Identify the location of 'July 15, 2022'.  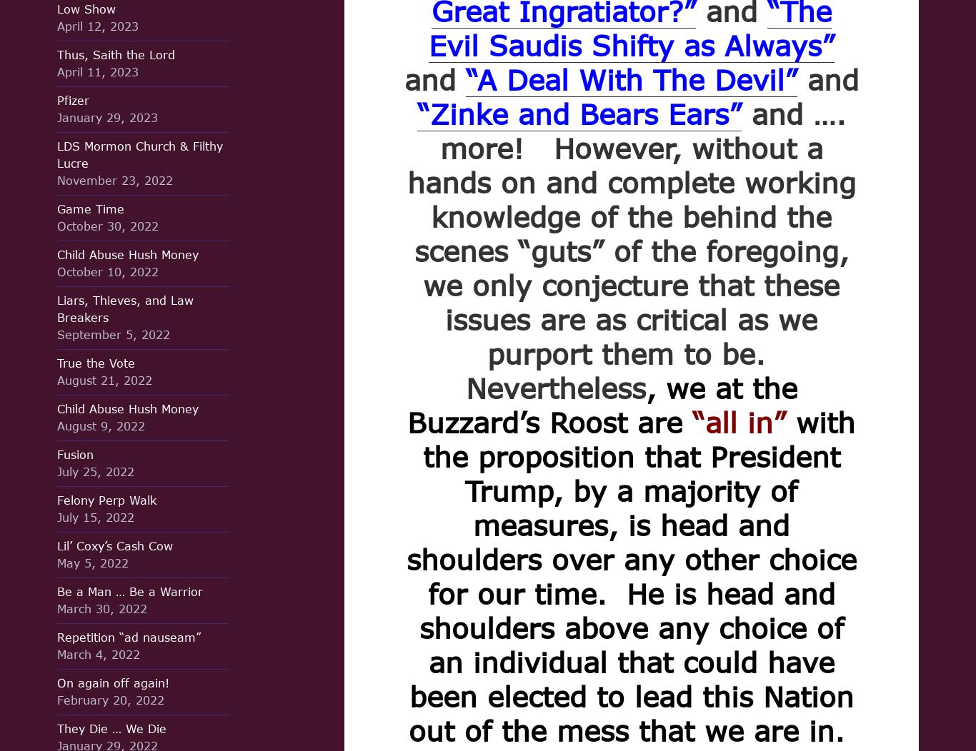
(95, 517).